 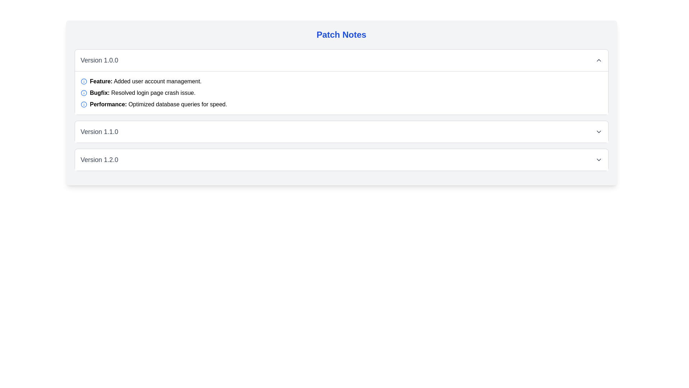 What do you see at coordinates (84, 104) in the screenshot?
I see `the information indicator icon located to the left of the text labeled 'Performance: Optimized database queries for speed.' in the list of patch notes for Version 1.0.0, specifically the third item in the list` at bounding box center [84, 104].